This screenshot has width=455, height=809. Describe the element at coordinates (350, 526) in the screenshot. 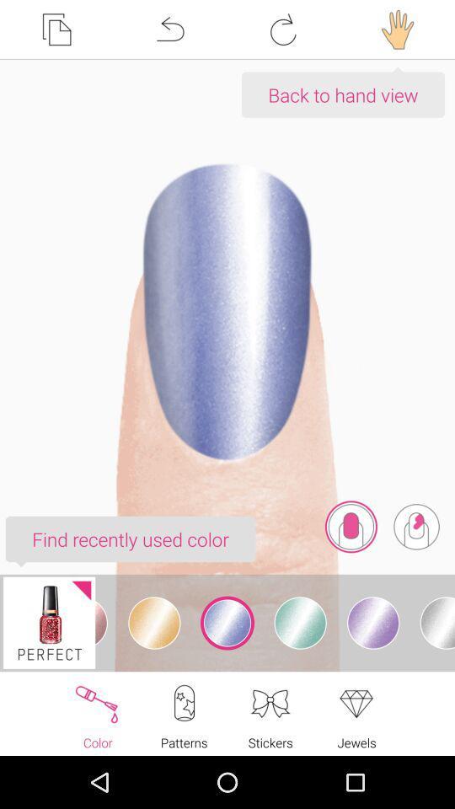

I see `icon below the back to hand icon` at that location.